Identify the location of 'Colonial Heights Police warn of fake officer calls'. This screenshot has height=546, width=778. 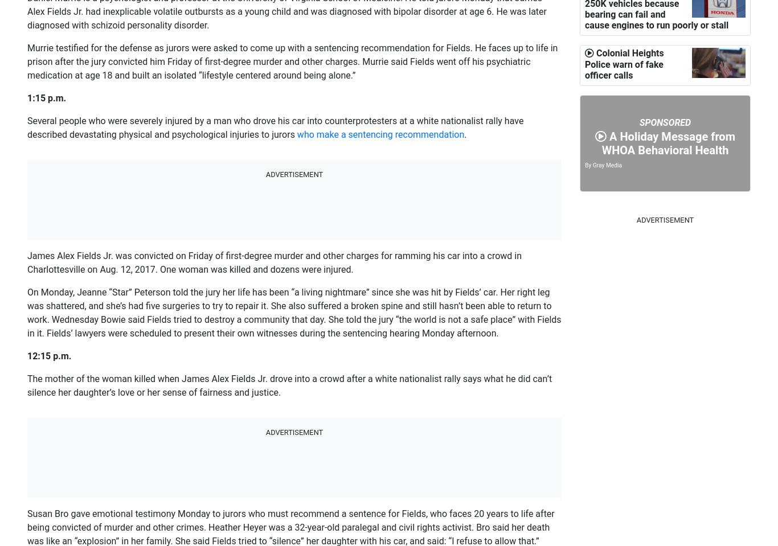
(623, 172).